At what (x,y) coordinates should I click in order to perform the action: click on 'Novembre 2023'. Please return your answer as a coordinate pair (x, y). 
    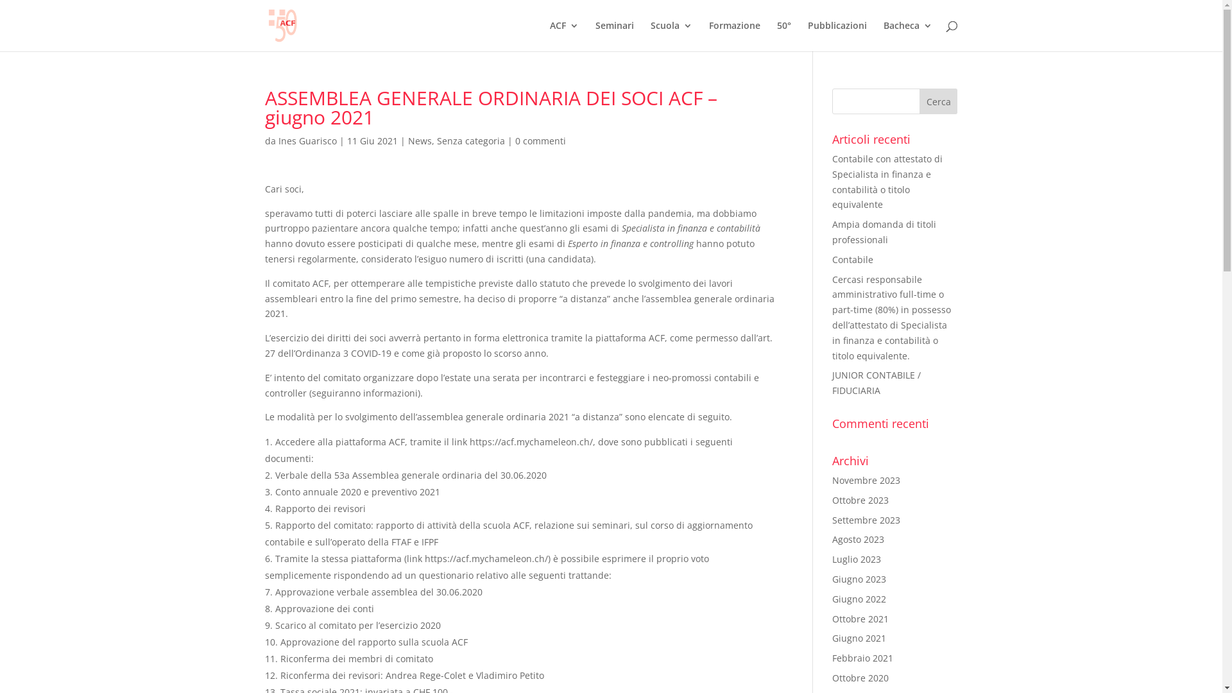
    Looking at the image, I should click on (866, 480).